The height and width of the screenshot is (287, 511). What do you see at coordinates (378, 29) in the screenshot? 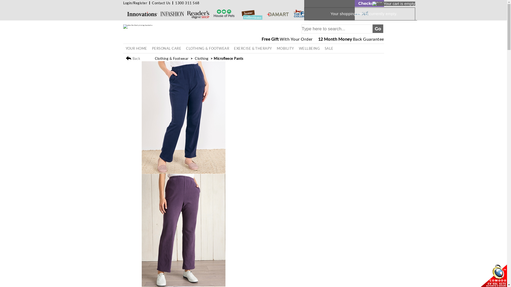
I see `'Go'` at bounding box center [378, 29].